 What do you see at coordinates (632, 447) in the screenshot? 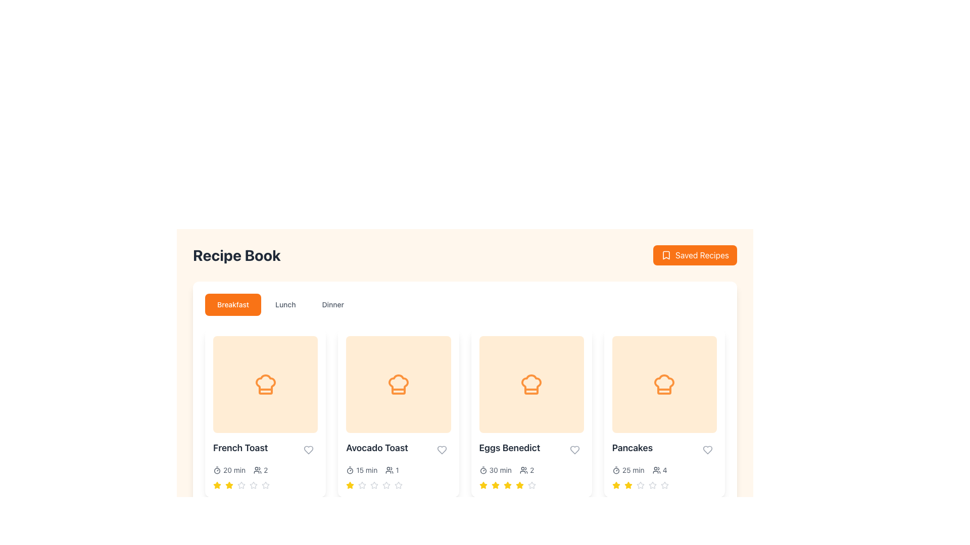
I see `the 'Pancakes' text label, which is styled in bold, medium-size dark gray font within the fourth card of a horizontal list` at bounding box center [632, 447].